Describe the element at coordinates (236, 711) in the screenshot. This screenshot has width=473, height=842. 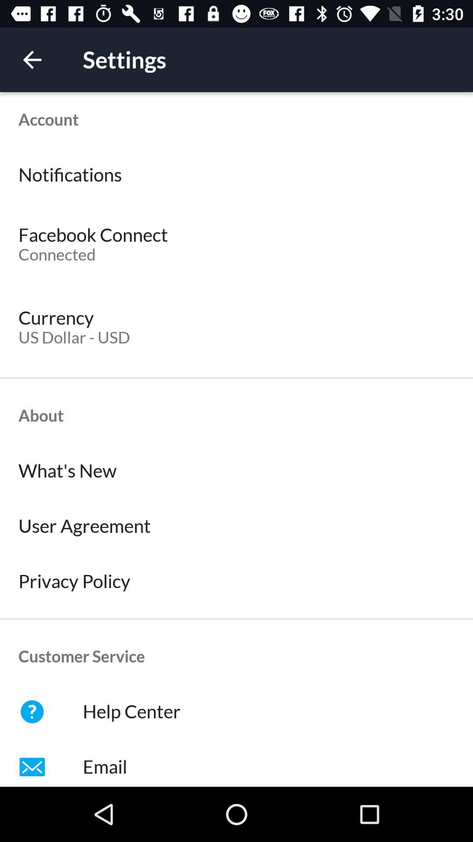
I see `icon above email` at that location.